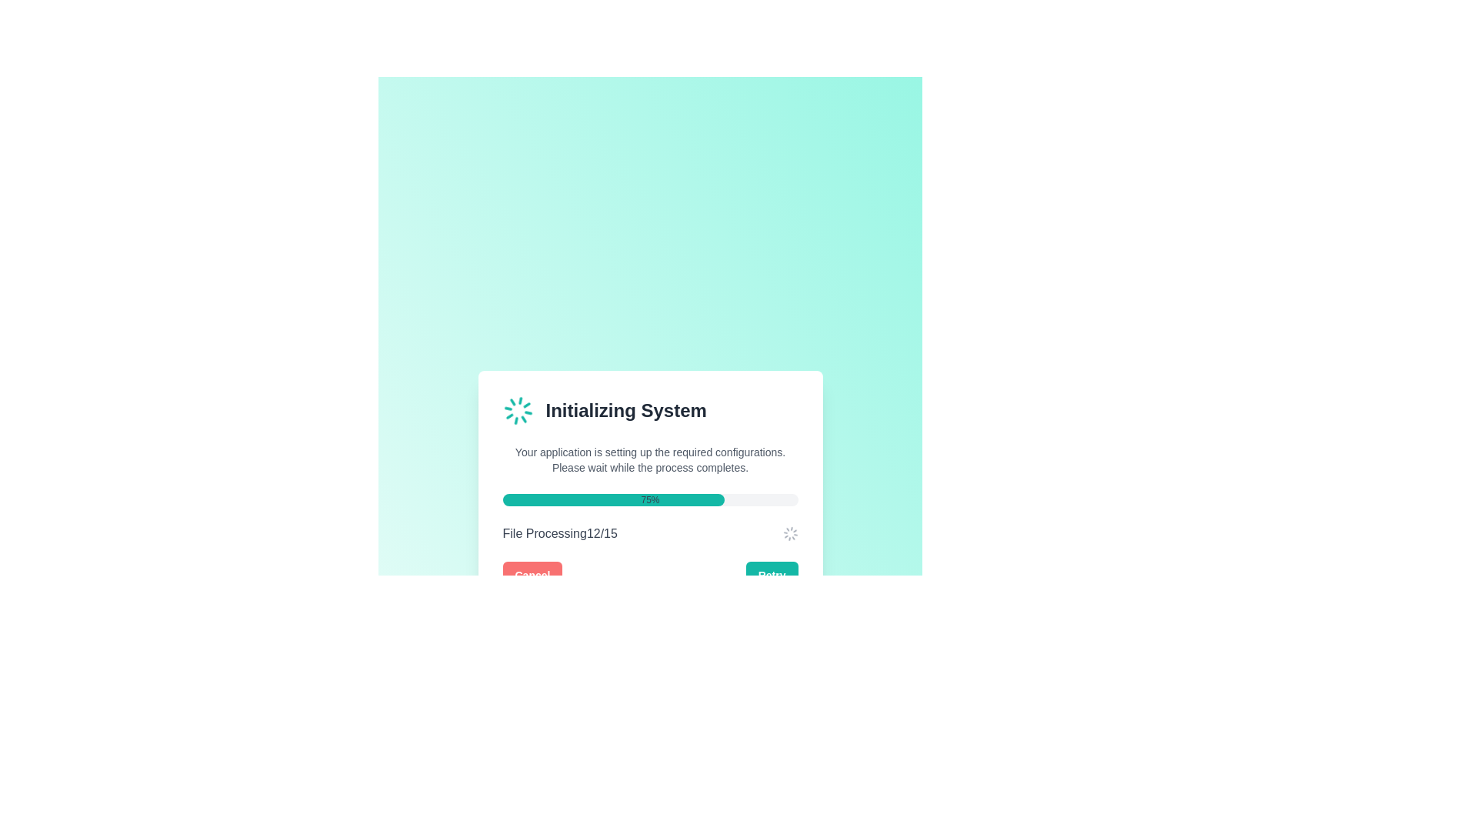 The height and width of the screenshot is (831, 1477). I want to click on the Text Block displaying the status update 'Your application is setting up the required configurations. Please wait while the process completes.' which is positioned below the header 'Initializing System', so click(650, 459).